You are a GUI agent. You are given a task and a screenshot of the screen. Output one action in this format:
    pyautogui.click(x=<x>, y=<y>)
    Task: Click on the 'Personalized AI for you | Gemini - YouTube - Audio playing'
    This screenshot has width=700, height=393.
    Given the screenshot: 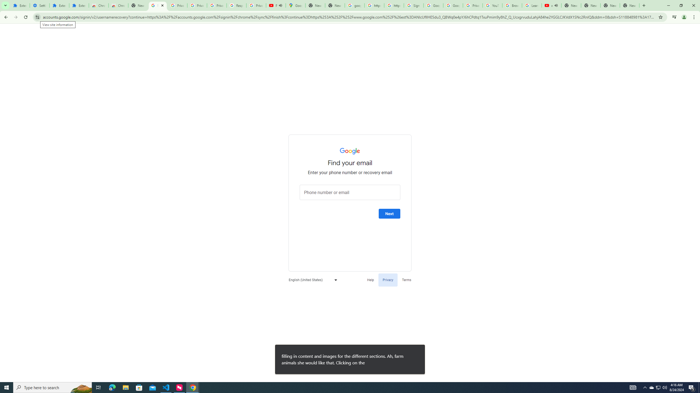 What is the action you would take?
    pyautogui.click(x=276, y=5)
    